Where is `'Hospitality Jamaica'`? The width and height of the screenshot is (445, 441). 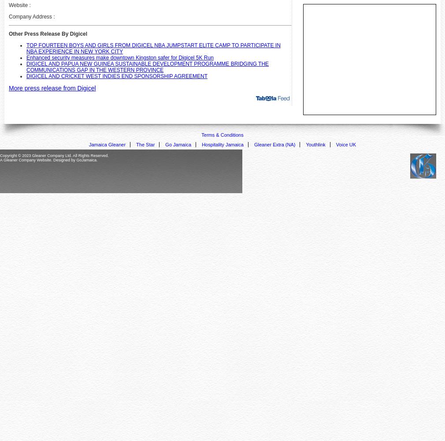
'Hospitality Jamaica' is located at coordinates (222, 144).